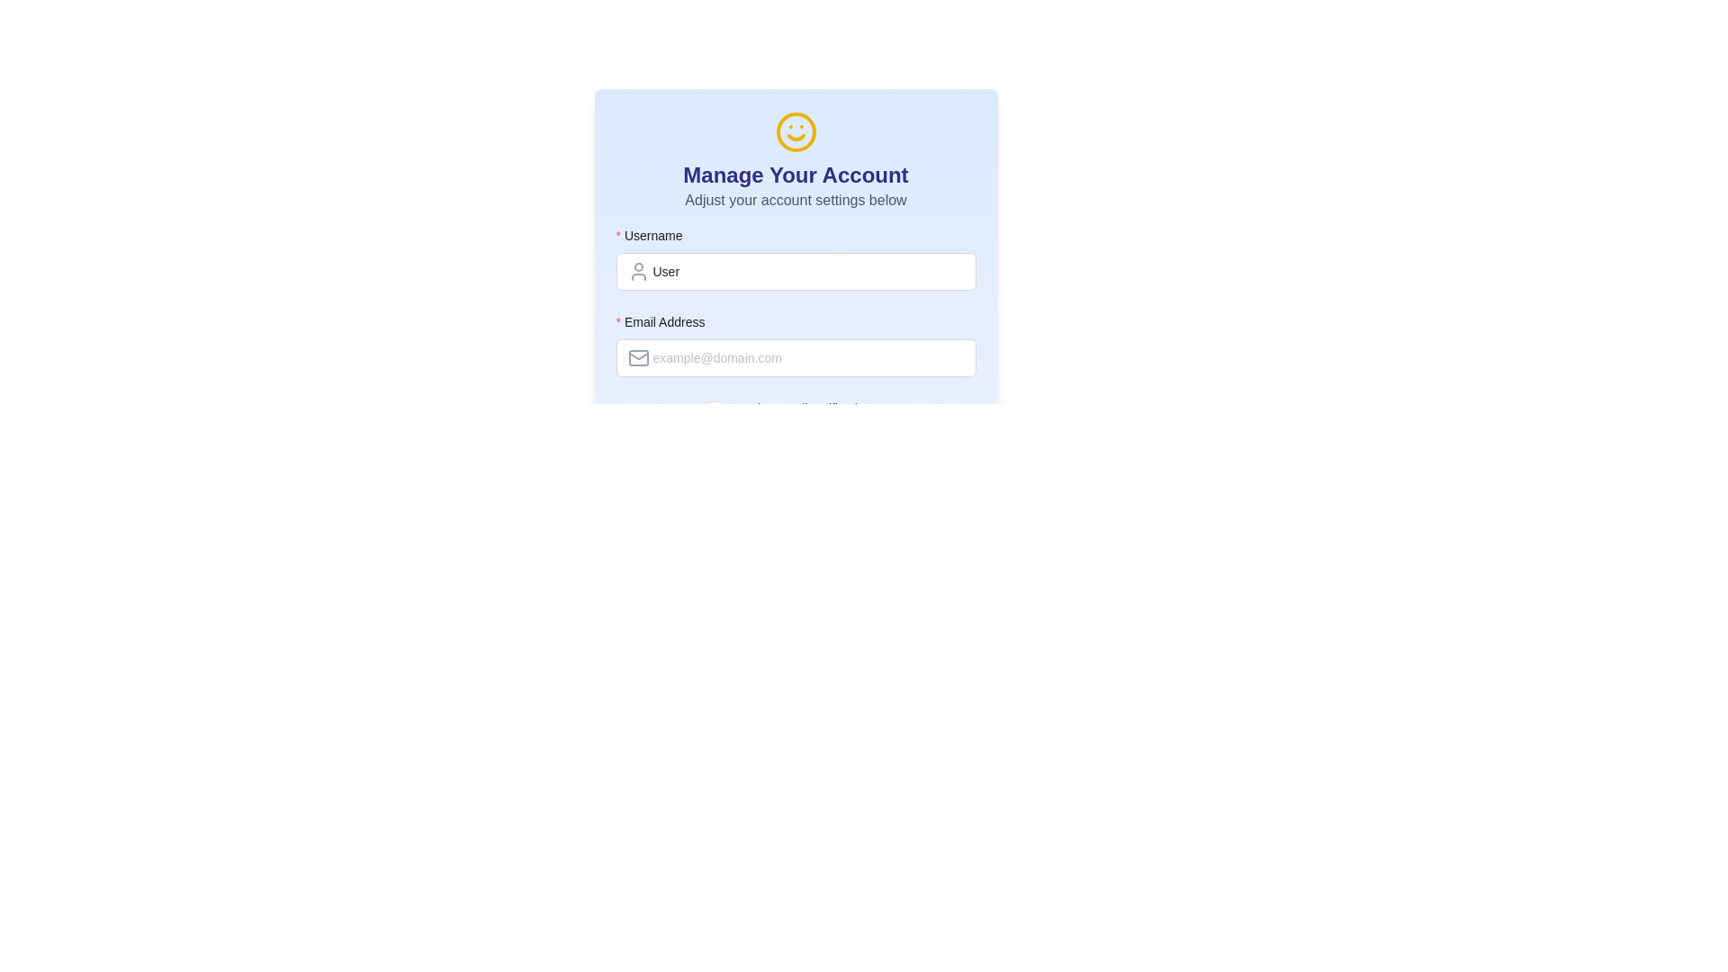 This screenshot has width=1728, height=972. I want to click on the text inside the email input field, which is centrally located below the 'Email Address' label, so click(795, 357).